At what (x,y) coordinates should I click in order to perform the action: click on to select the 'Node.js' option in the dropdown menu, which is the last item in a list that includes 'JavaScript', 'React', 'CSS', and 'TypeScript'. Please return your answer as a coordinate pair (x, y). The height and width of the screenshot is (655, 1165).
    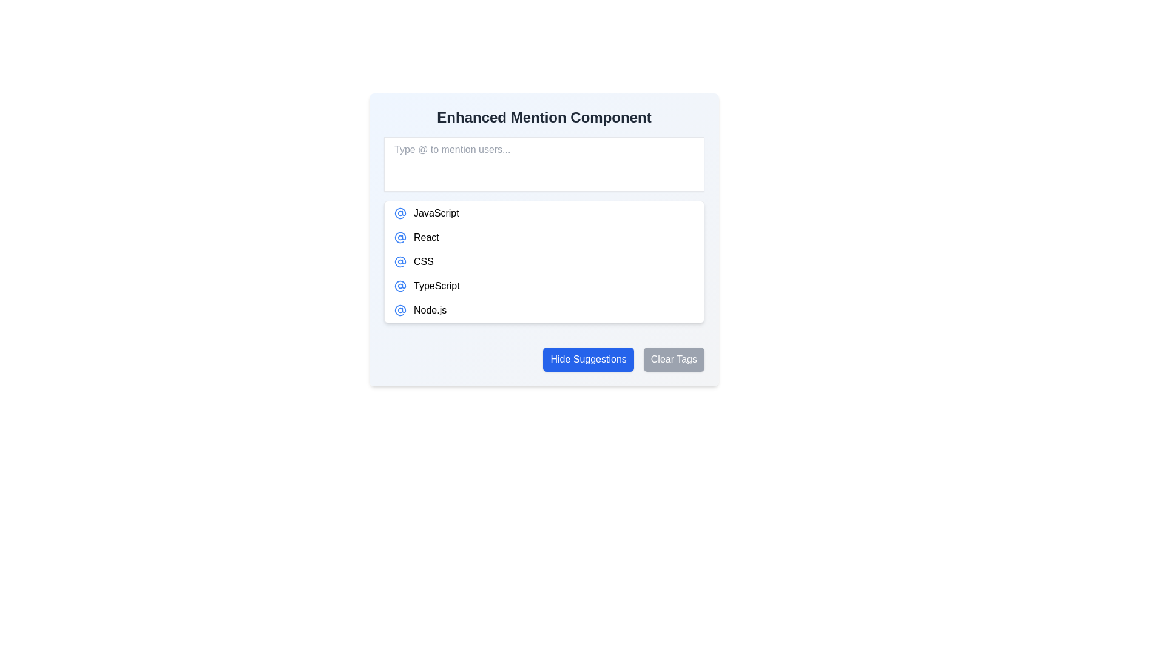
    Looking at the image, I should click on (544, 310).